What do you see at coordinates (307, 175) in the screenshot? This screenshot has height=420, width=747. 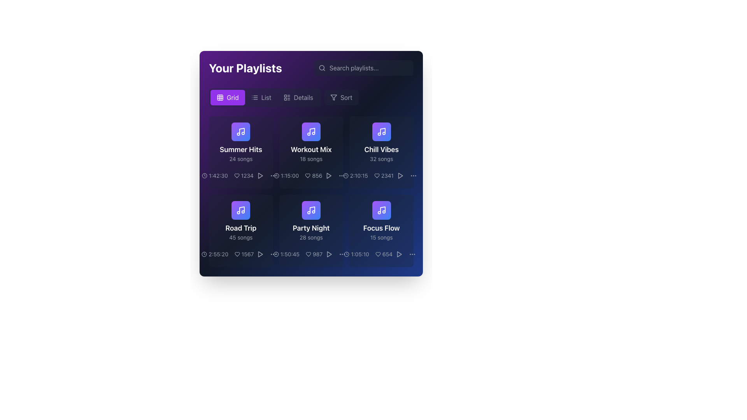 I see `the 'like' icon positioned to the left of the number '856' in the 'Workout Mix' card` at bounding box center [307, 175].